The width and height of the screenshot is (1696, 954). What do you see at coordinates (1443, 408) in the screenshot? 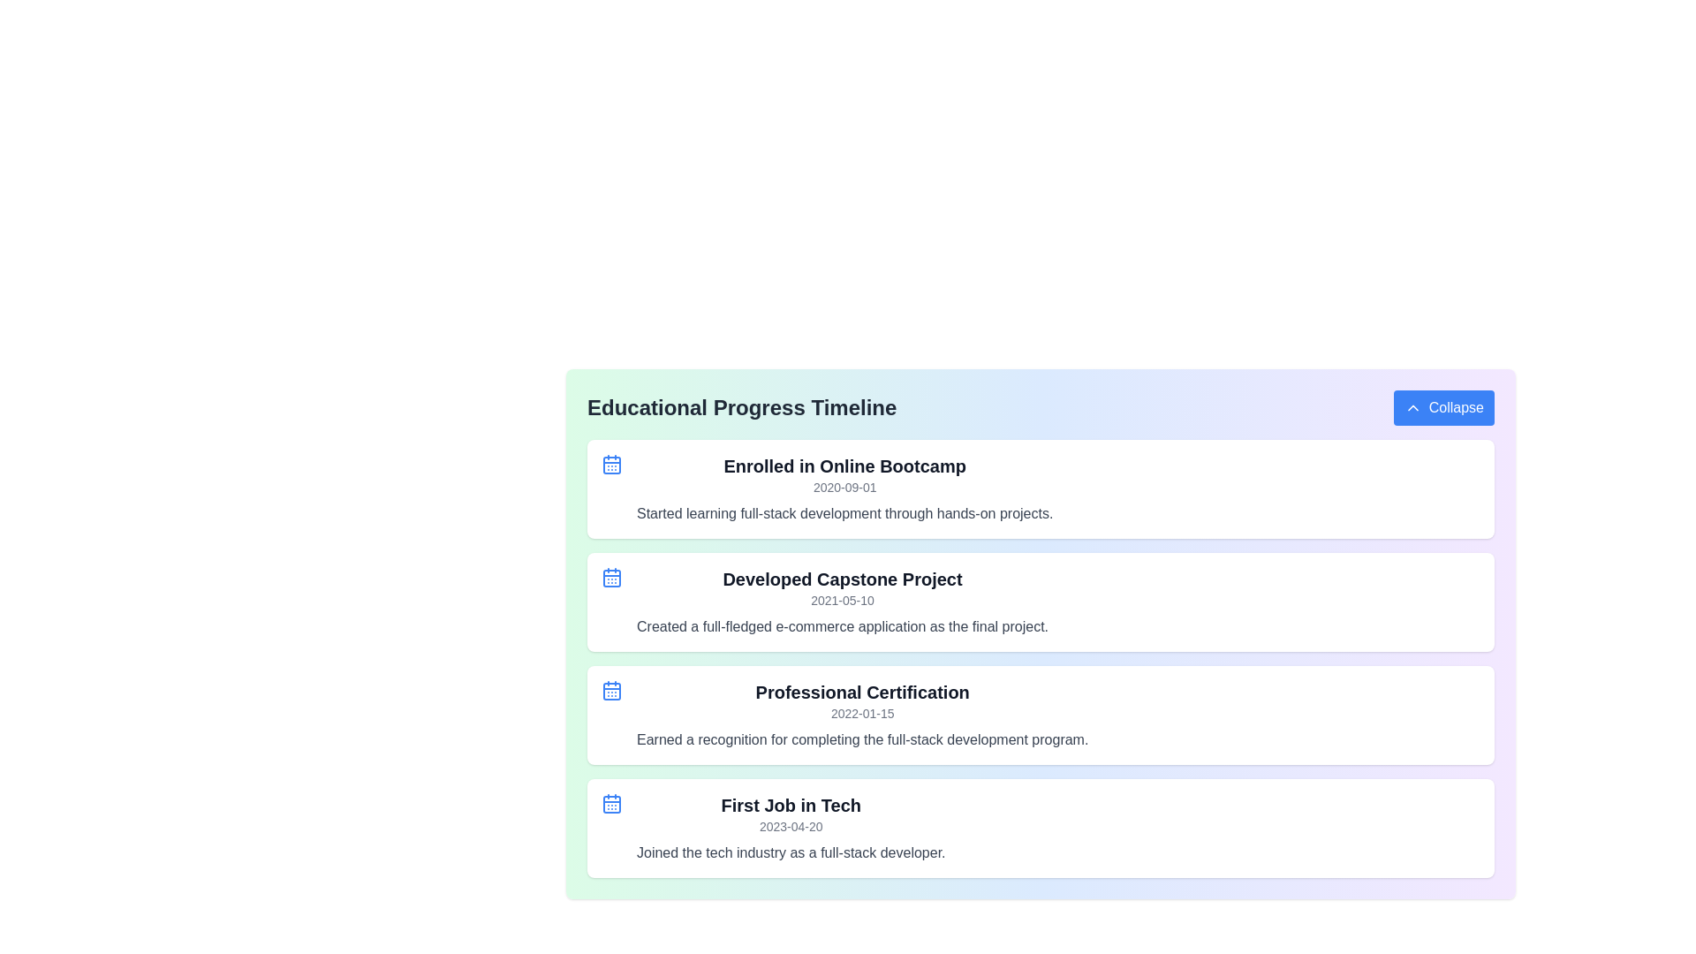
I see `the collapsible toggle button for the 'Educational Progress Timeline' section` at bounding box center [1443, 408].